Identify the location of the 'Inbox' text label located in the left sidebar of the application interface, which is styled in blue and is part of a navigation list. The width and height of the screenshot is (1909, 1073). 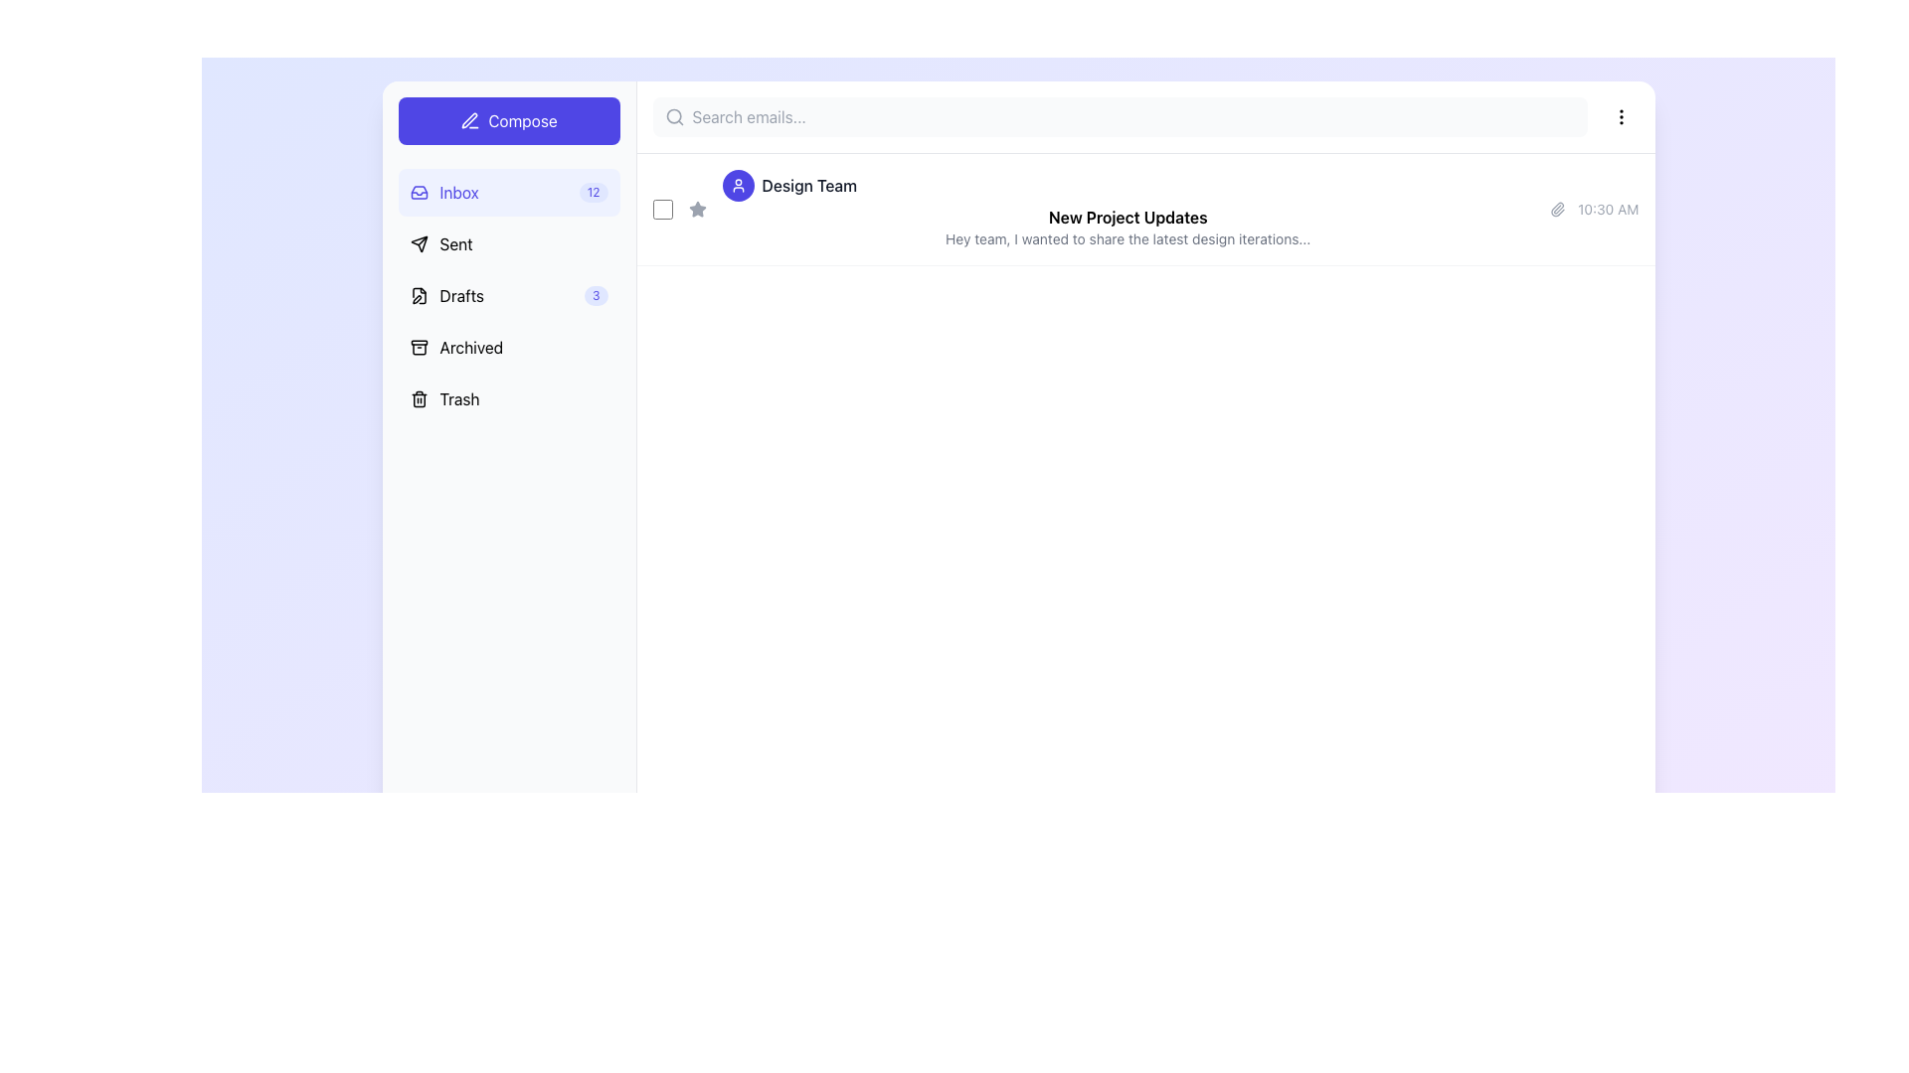
(443, 192).